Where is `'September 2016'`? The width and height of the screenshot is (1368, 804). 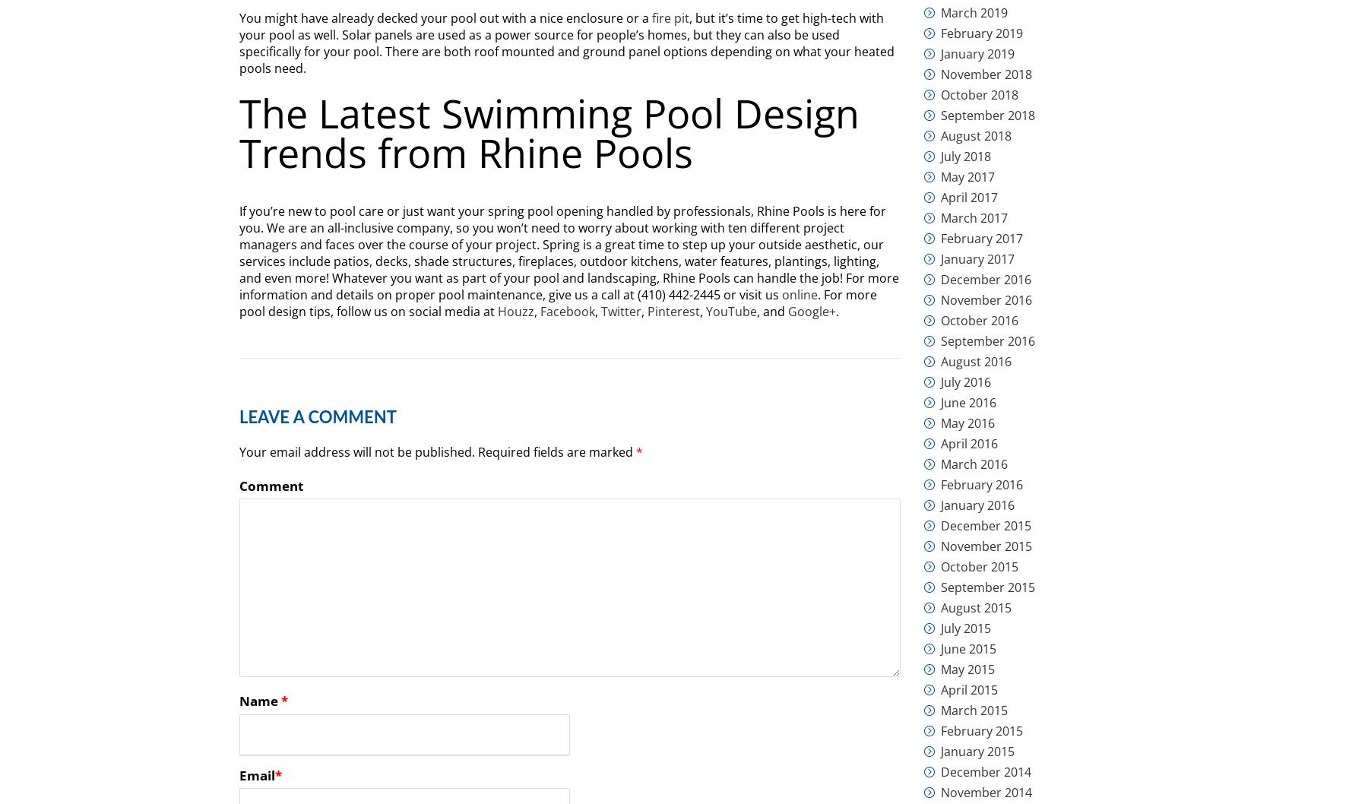 'September 2016' is located at coordinates (987, 340).